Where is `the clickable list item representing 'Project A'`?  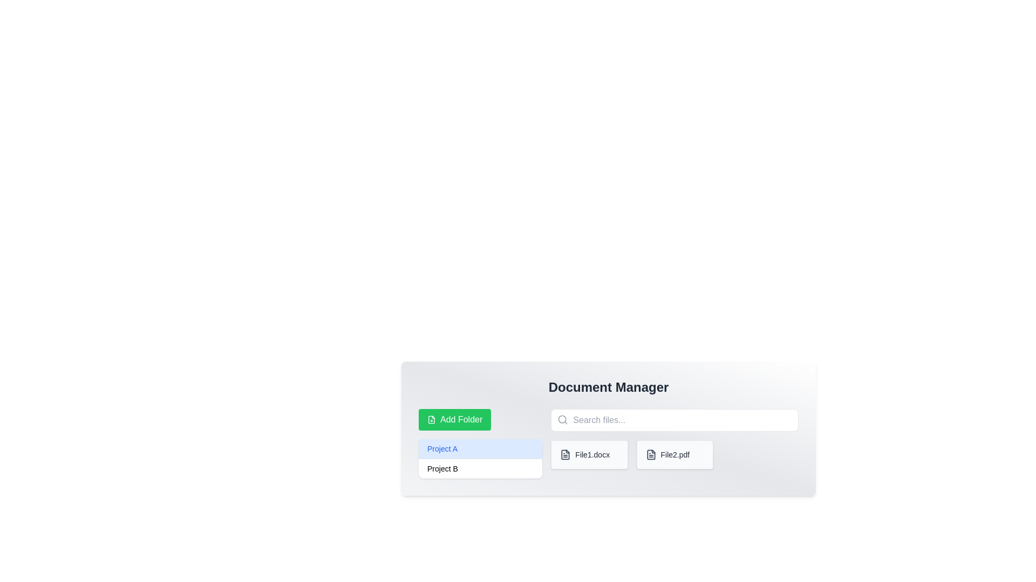 the clickable list item representing 'Project A' is located at coordinates (480, 449).